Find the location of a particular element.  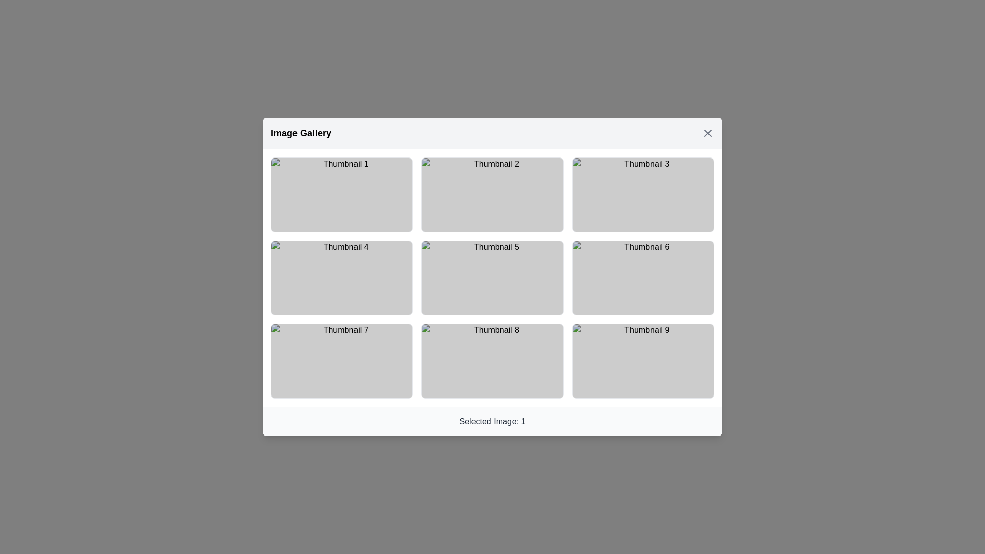

the graphical representation of the green checkmark icon, which indicates affirmation or completion, located in the fourth item of the grid layout of thumbnail previews is located at coordinates (342, 278).